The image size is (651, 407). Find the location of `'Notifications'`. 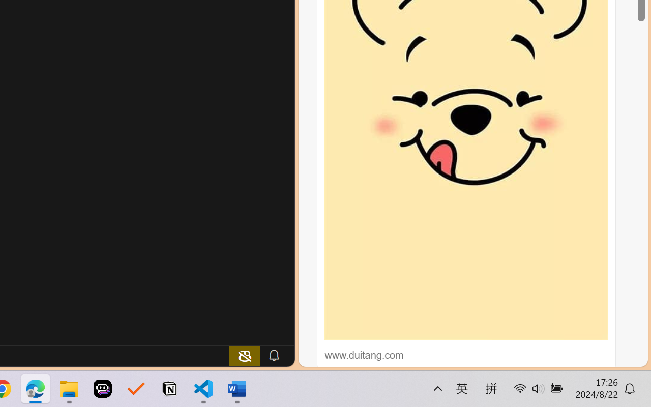

'Notifications' is located at coordinates (274, 355).